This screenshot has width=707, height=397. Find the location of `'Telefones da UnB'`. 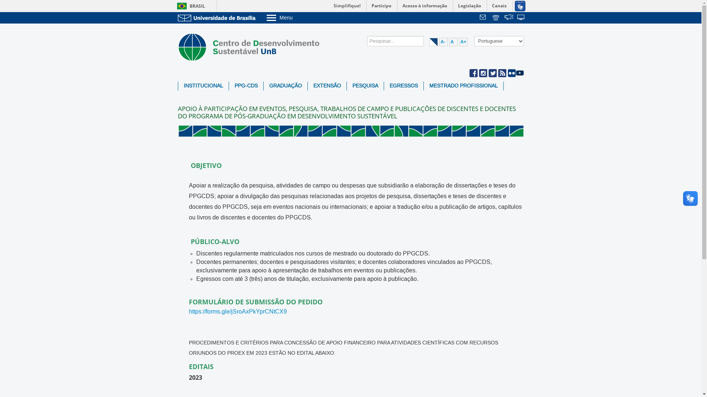

'Telefones da UnB' is located at coordinates (496, 18).